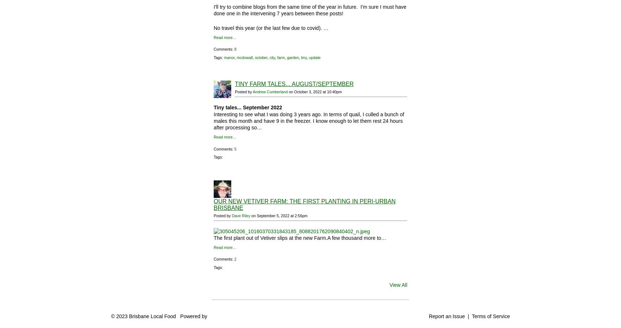 The height and width of the screenshot is (328, 621). I want to click on 'I'll try to combine blogs from the same time of the year in future.  I'm sure I must have done one in the intervening 7 years between these posts!', so click(213, 9).